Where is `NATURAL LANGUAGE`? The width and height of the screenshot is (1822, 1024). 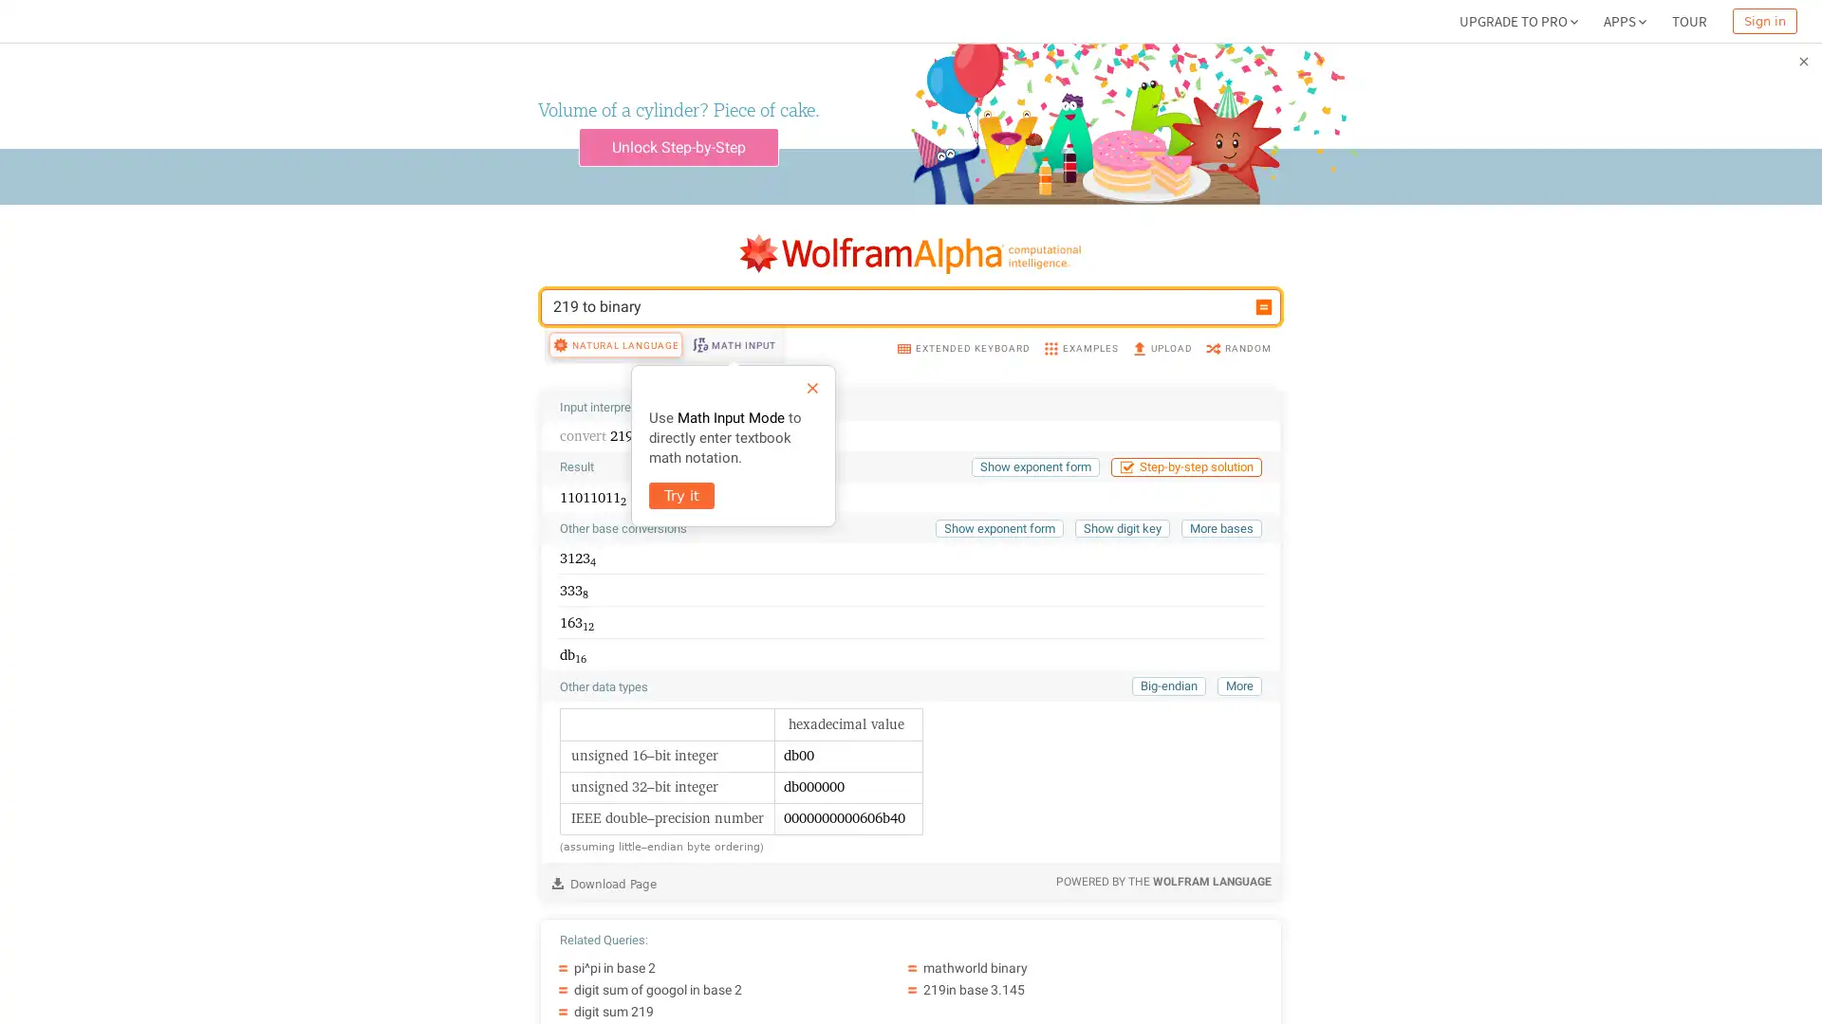 NATURAL LANGUAGE is located at coordinates (615, 381).